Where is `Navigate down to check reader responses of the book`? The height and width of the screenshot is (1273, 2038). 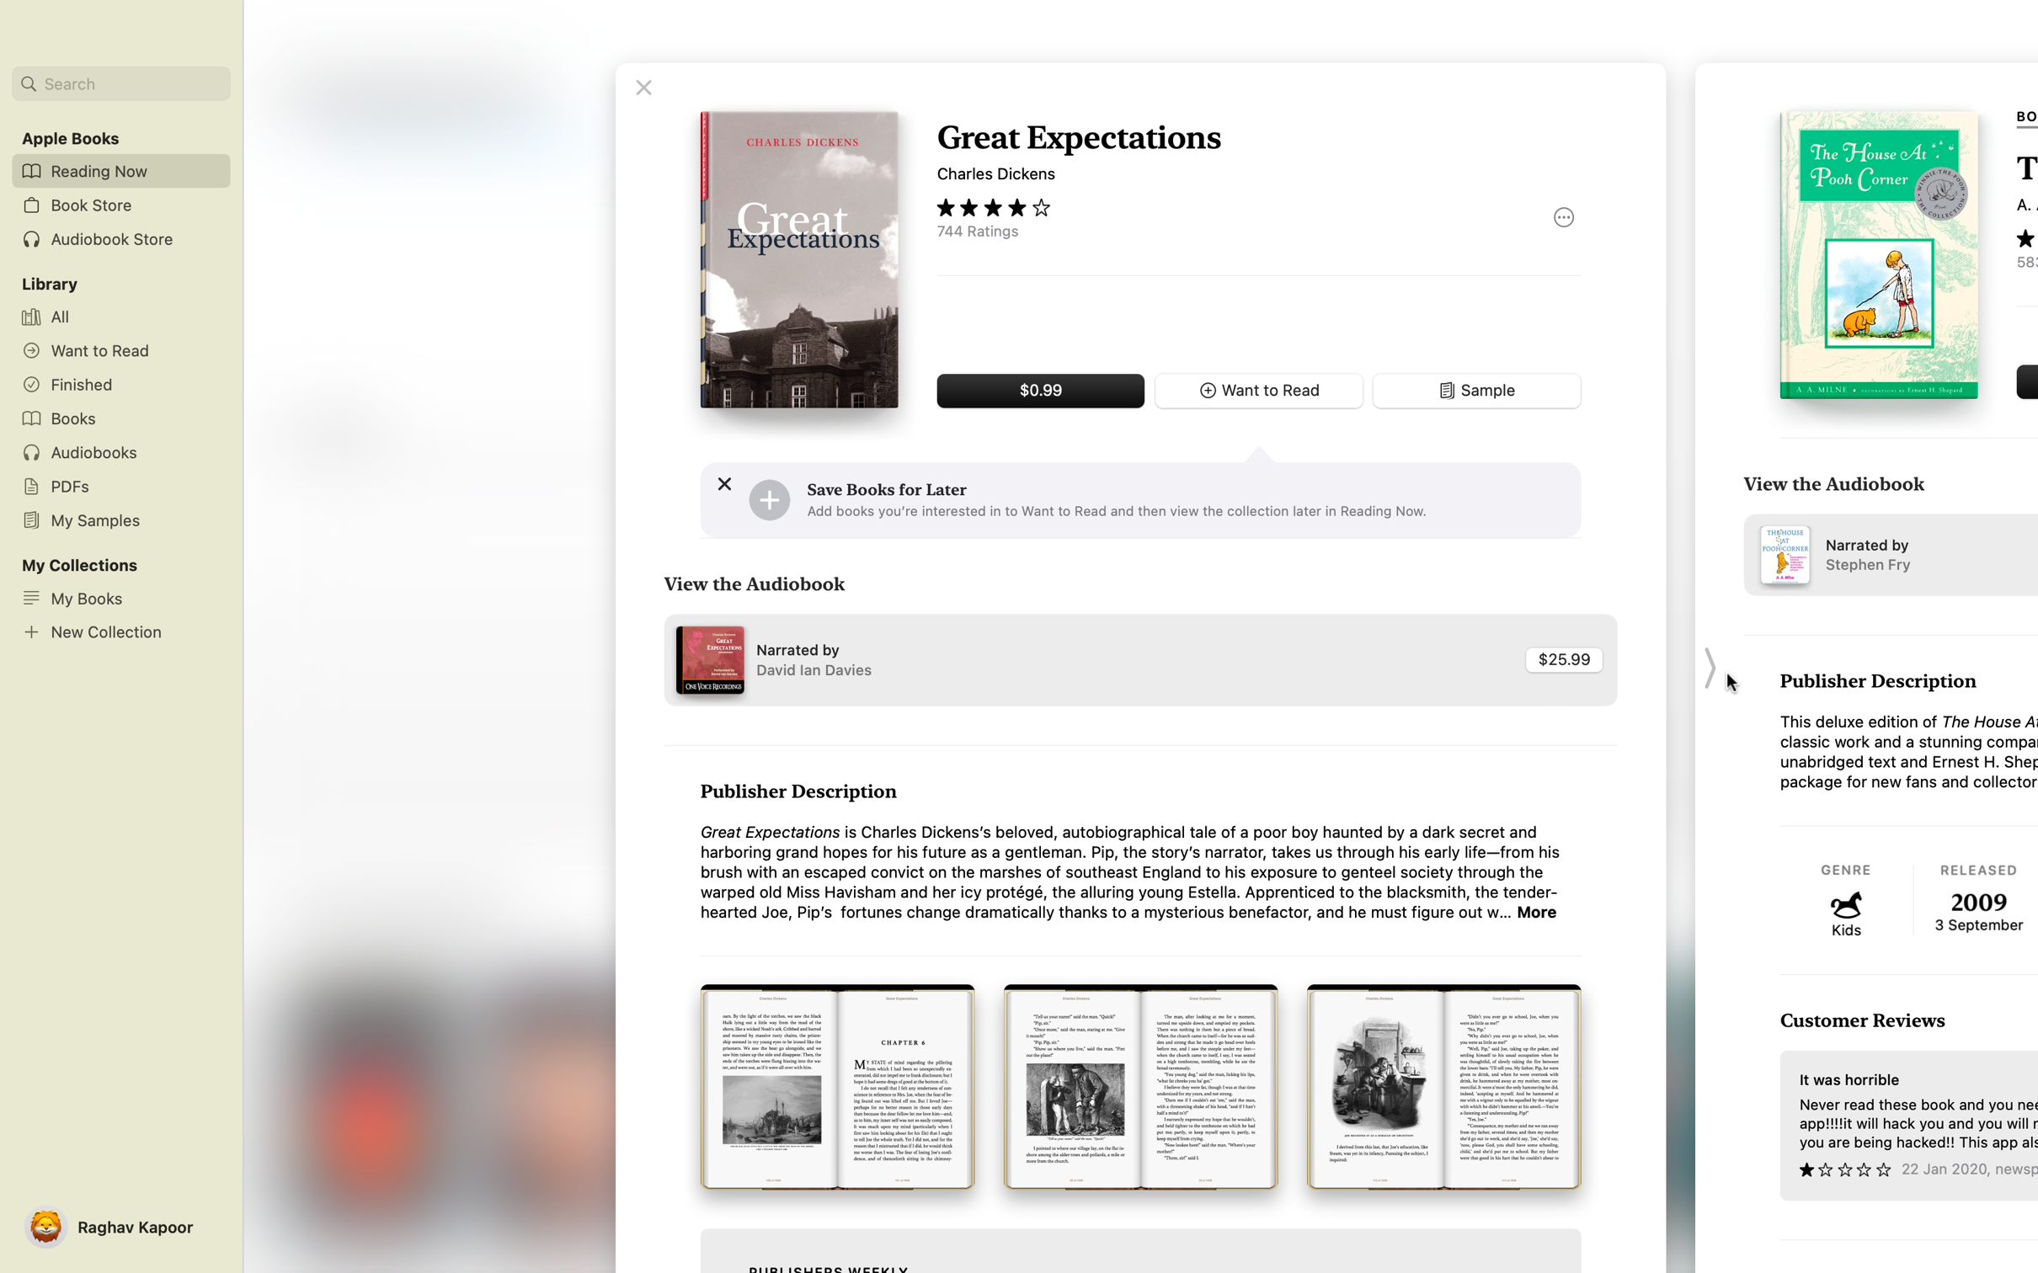
Navigate down to check reader responses of the book is located at coordinates (3831440, 1405392).